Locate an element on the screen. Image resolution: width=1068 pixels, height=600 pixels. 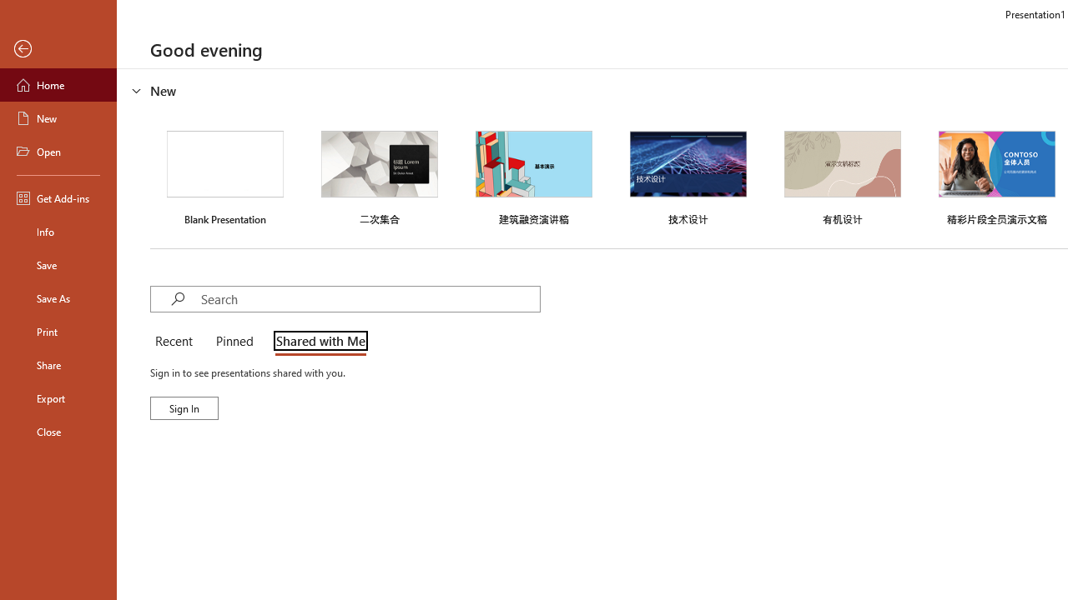
'New' is located at coordinates (58, 117).